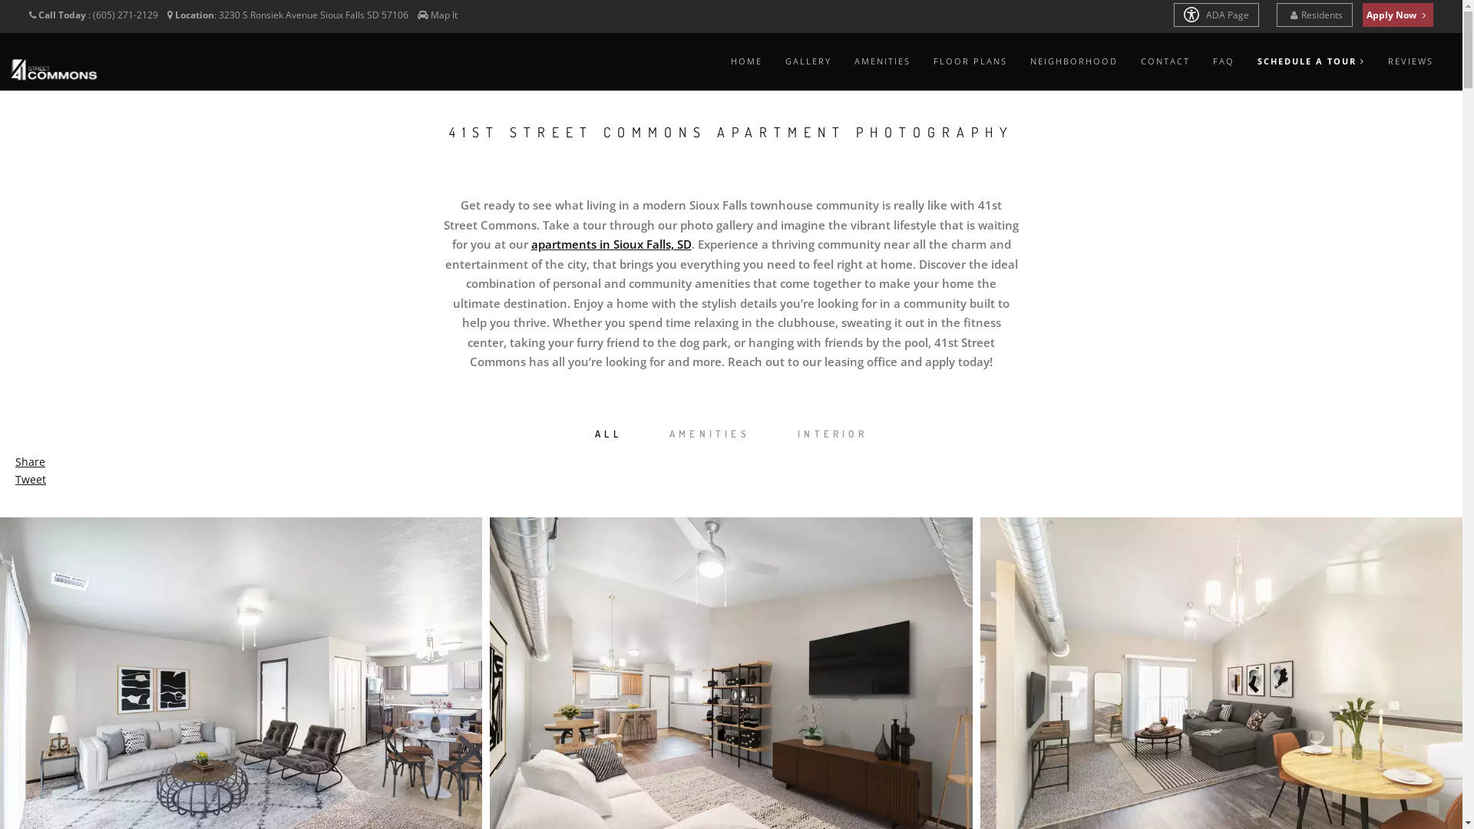 Image resolution: width=1474 pixels, height=829 pixels. What do you see at coordinates (610, 243) in the screenshot?
I see `'apartments in Sioux Falls, SD'` at bounding box center [610, 243].